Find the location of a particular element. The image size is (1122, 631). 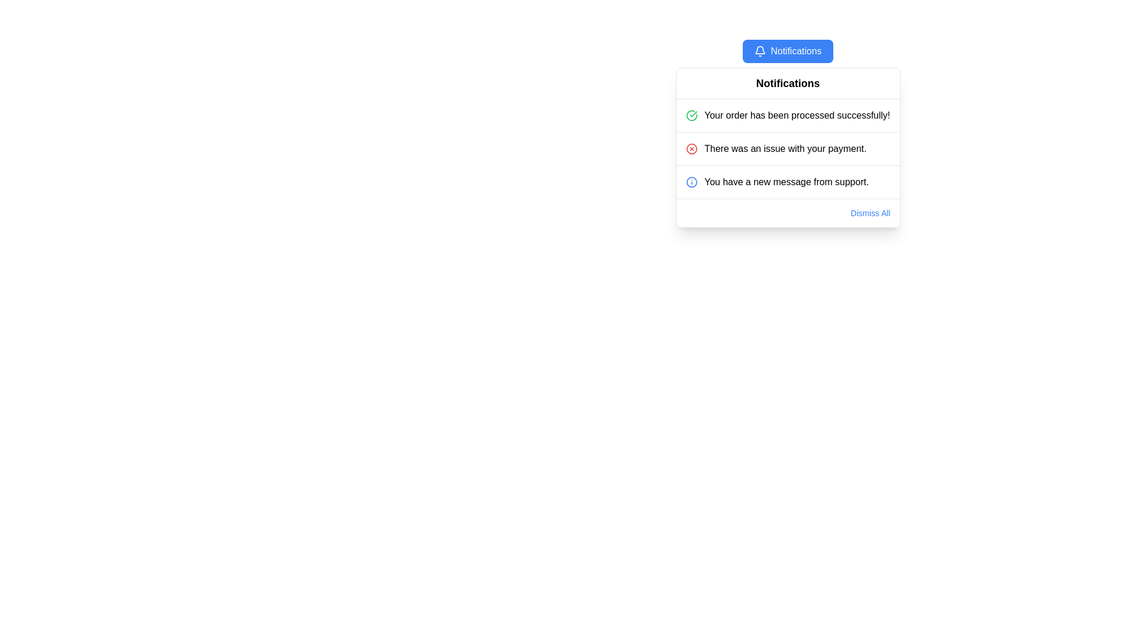

the notification button located at the top middle of the notification panel is located at coordinates (788, 51).